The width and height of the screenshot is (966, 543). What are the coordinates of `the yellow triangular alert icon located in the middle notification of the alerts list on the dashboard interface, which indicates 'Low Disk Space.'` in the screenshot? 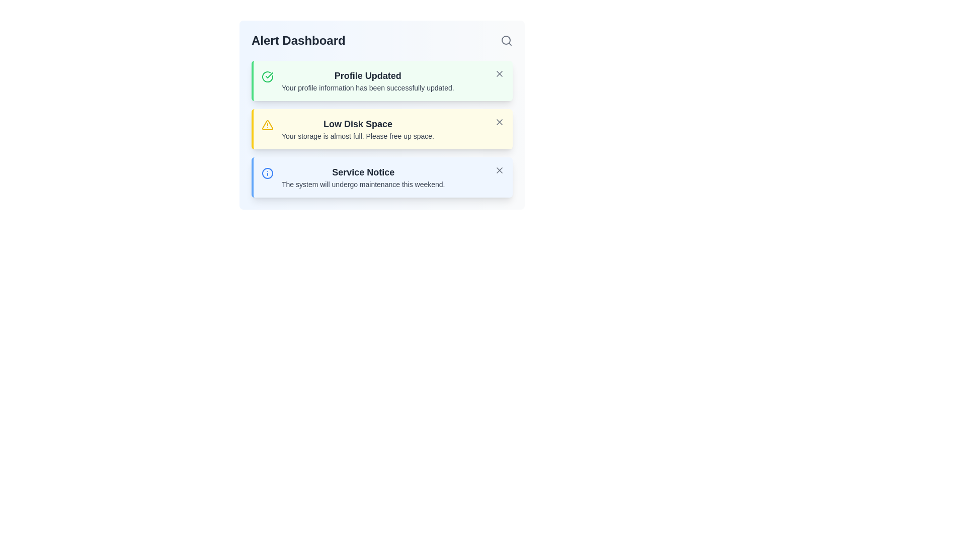 It's located at (268, 124).